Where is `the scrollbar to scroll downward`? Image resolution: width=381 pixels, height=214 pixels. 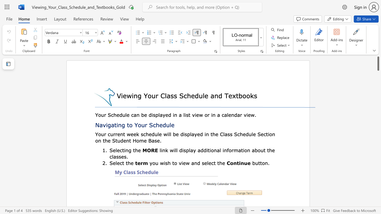
the scrollbar to scroll downward is located at coordinates (378, 121).